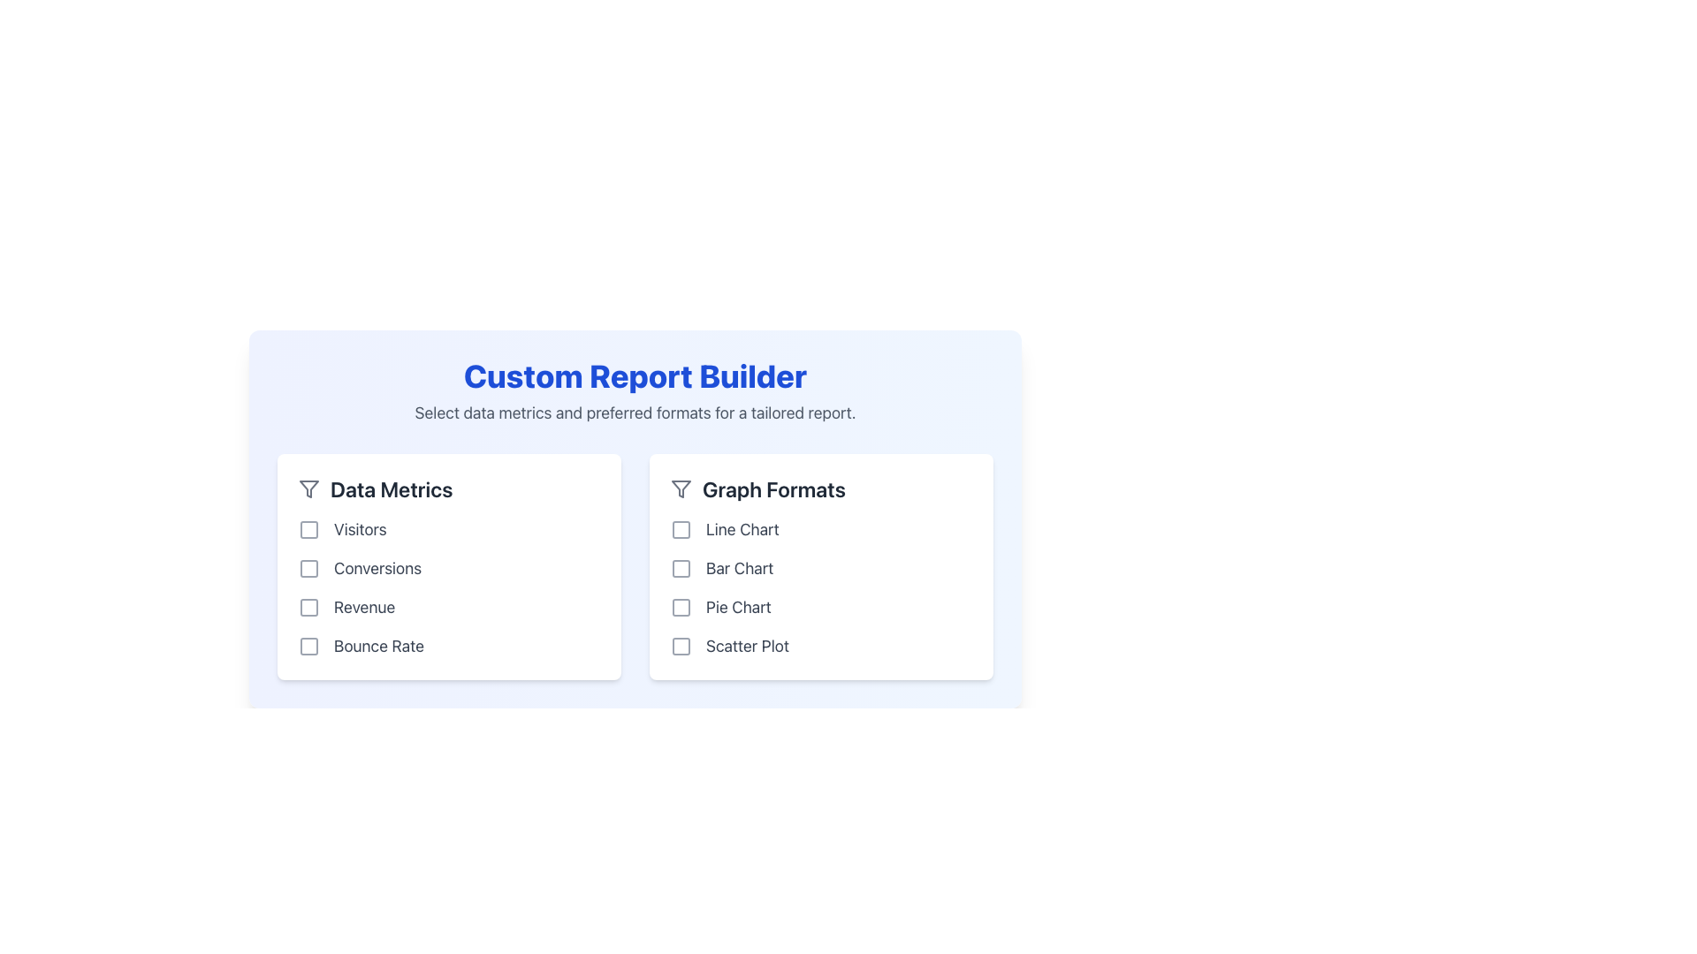  I want to click on the 'Bar Chart' checkbox in the 'Graph Formats' category, so click(681, 569).